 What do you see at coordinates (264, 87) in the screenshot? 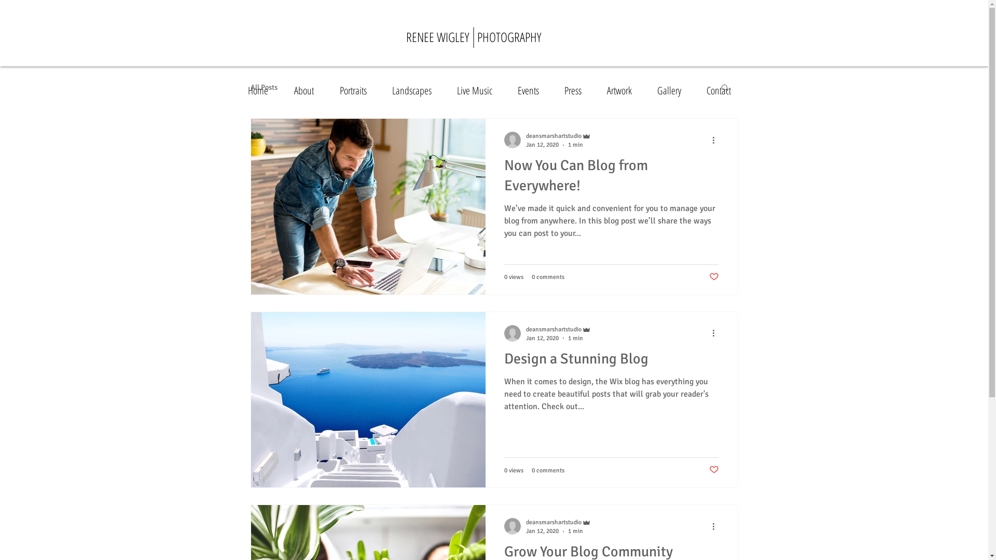
I see `'All Posts'` at bounding box center [264, 87].